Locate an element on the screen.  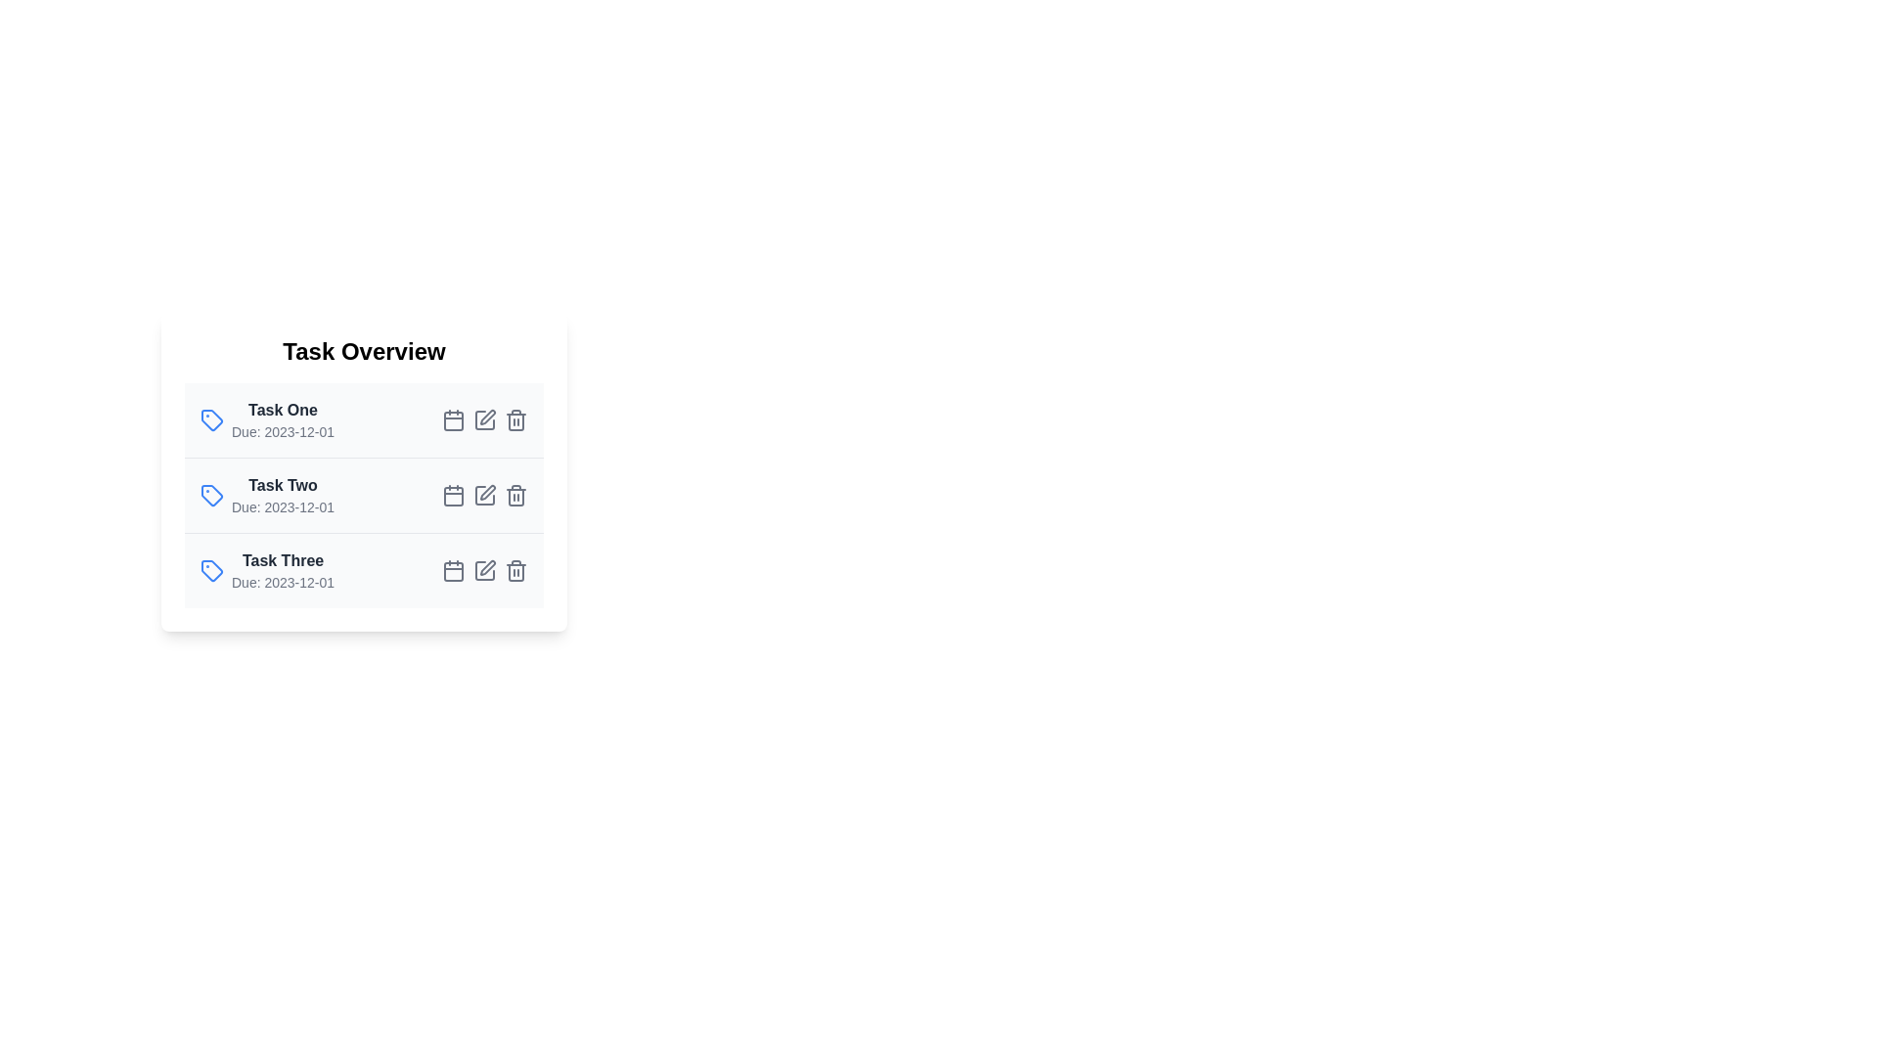
the static text label displaying 'Due: 2023-12-01', which is located directly below the text 'Task Two' in a lighter color shade, indicating its due date information is located at coordinates (282, 506).